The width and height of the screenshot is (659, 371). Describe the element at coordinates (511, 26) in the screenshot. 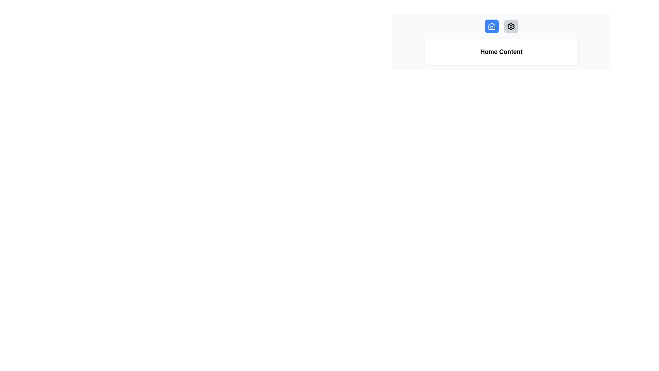

I see `the settings icon located at the top-right corner of the UI` at that location.